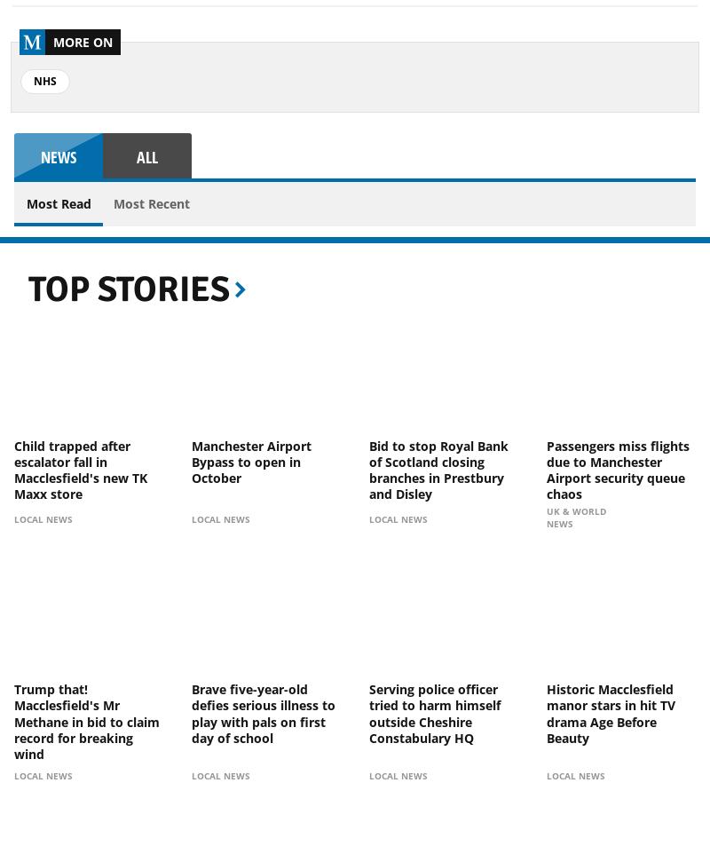 The width and height of the screenshot is (710, 862). Describe the element at coordinates (80, 469) in the screenshot. I see `'Child trapped after escalator fall in Macclesfield's new TK Maxx store'` at that location.